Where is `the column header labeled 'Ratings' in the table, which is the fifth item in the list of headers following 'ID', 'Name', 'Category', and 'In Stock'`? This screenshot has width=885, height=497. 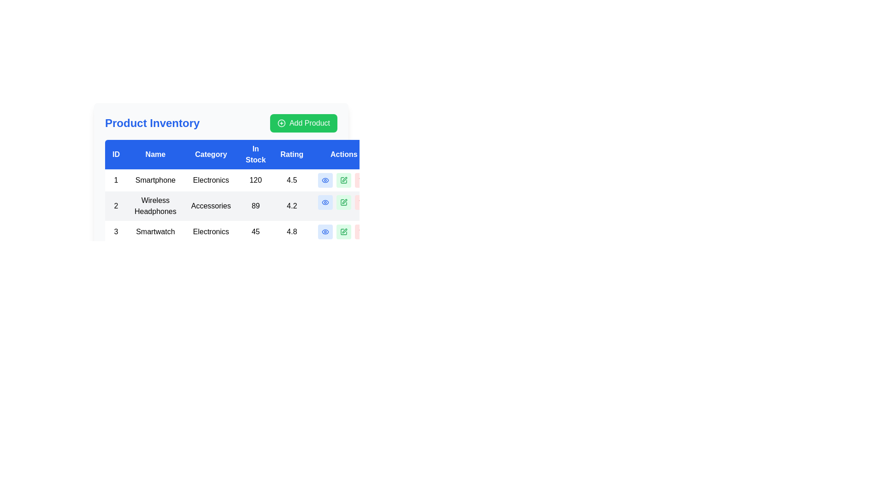
the column header labeled 'Ratings' in the table, which is the fifth item in the list of headers following 'ID', 'Name', 'Category', and 'In Stock' is located at coordinates (291, 154).